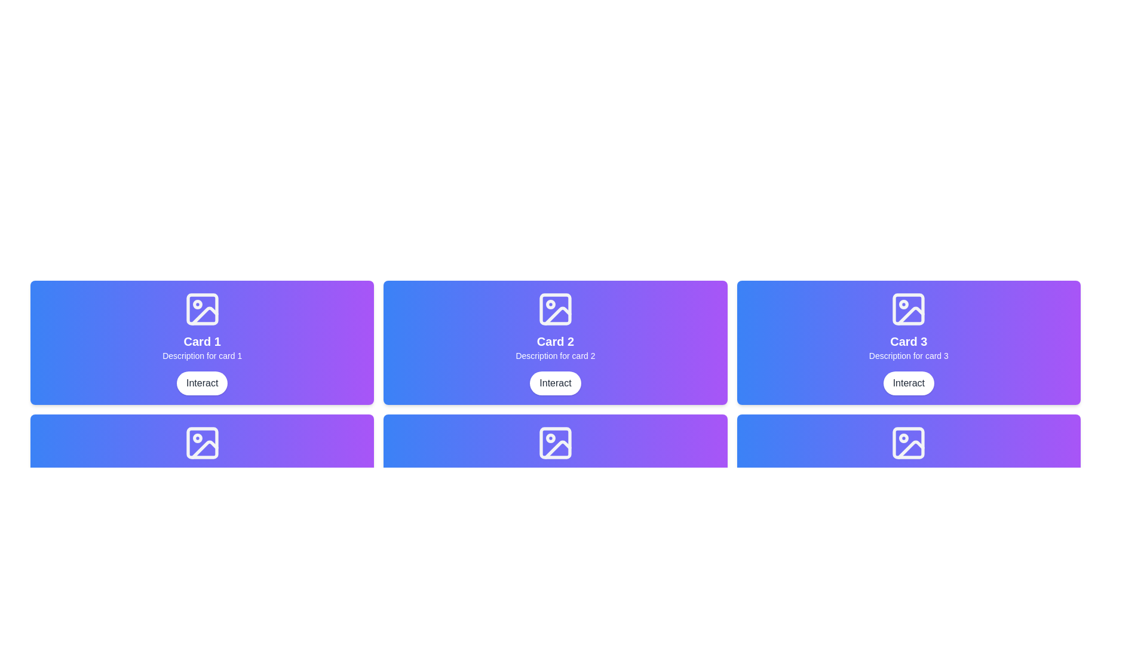 Image resolution: width=1147 pixels, height=645 pixels. Describe the element at coordinates (908, 355) in the screenshot. I see `the text element displaying 'Description for card 3' which is located within the card labeled 'Card 3'` at that location.